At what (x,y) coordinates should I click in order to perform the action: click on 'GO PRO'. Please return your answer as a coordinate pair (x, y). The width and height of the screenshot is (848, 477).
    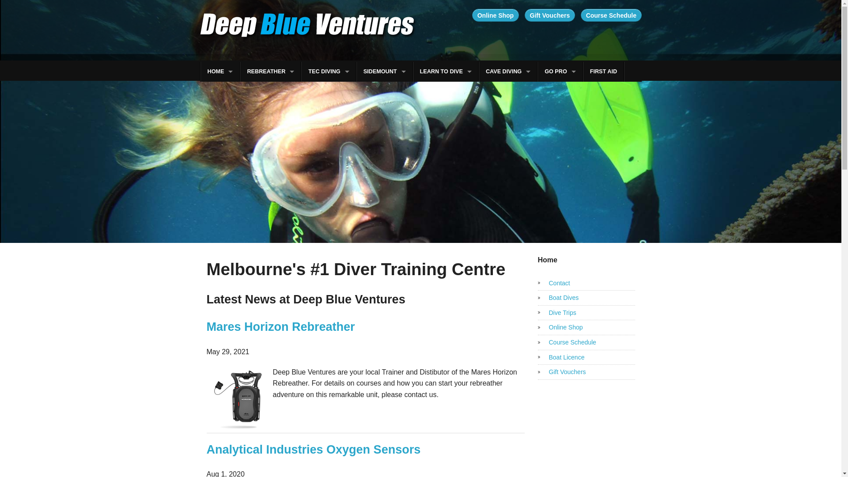
    Looking at the image, I should click on (538, 71).